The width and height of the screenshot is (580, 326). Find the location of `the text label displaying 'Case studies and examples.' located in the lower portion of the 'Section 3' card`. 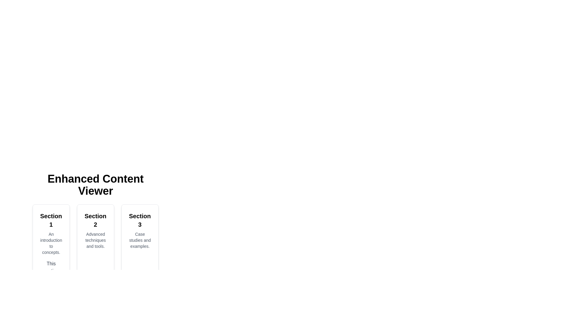

the text label displaying 'Case studies and examples.' located in the lower portion of the 'Section 3' card is located at coordinates (140, 240).